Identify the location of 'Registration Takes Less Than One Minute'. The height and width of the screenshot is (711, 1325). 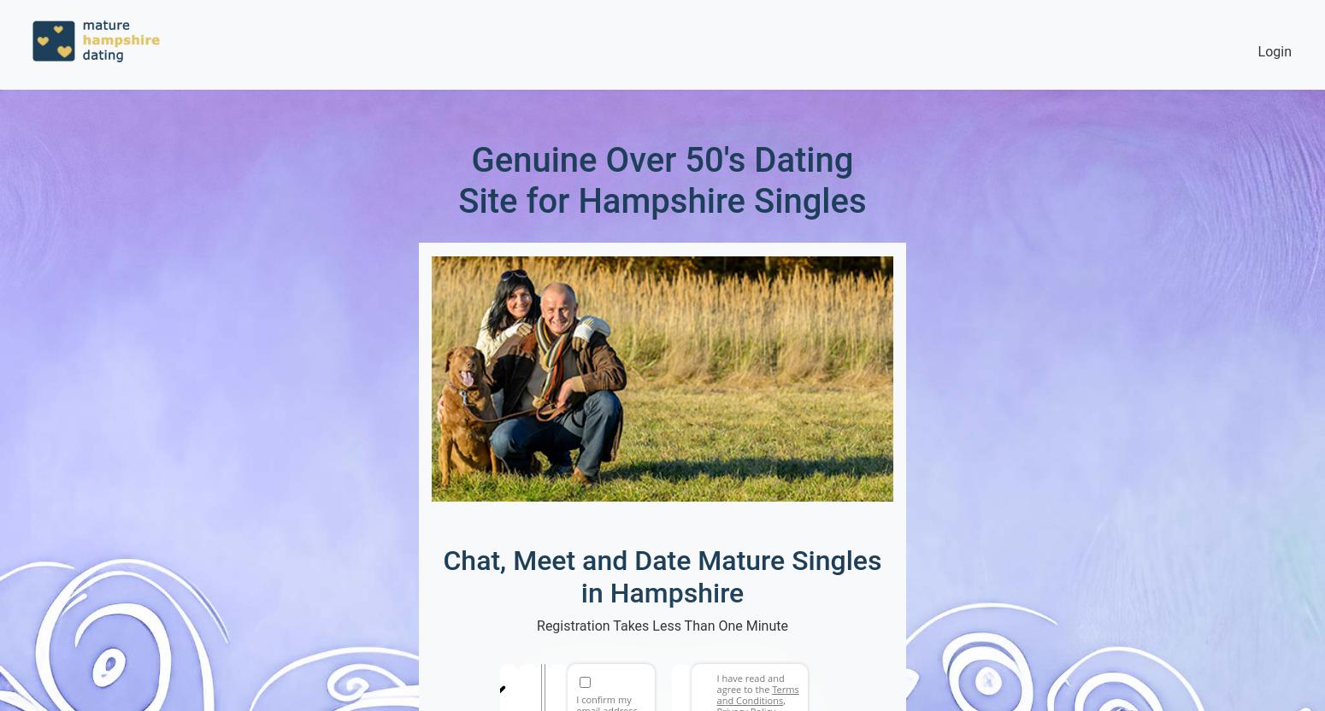
(536, 626).